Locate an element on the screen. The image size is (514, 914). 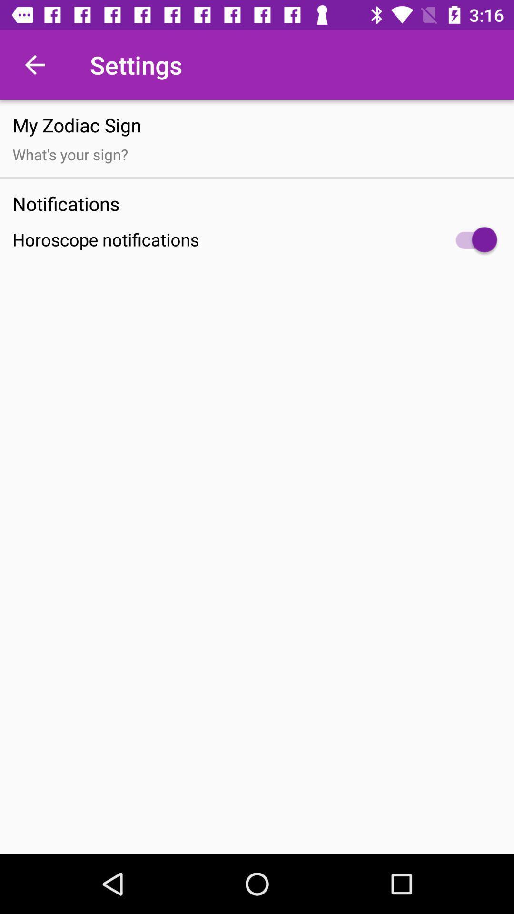
the horoscope notifications item is located at coordinates (257, 239).